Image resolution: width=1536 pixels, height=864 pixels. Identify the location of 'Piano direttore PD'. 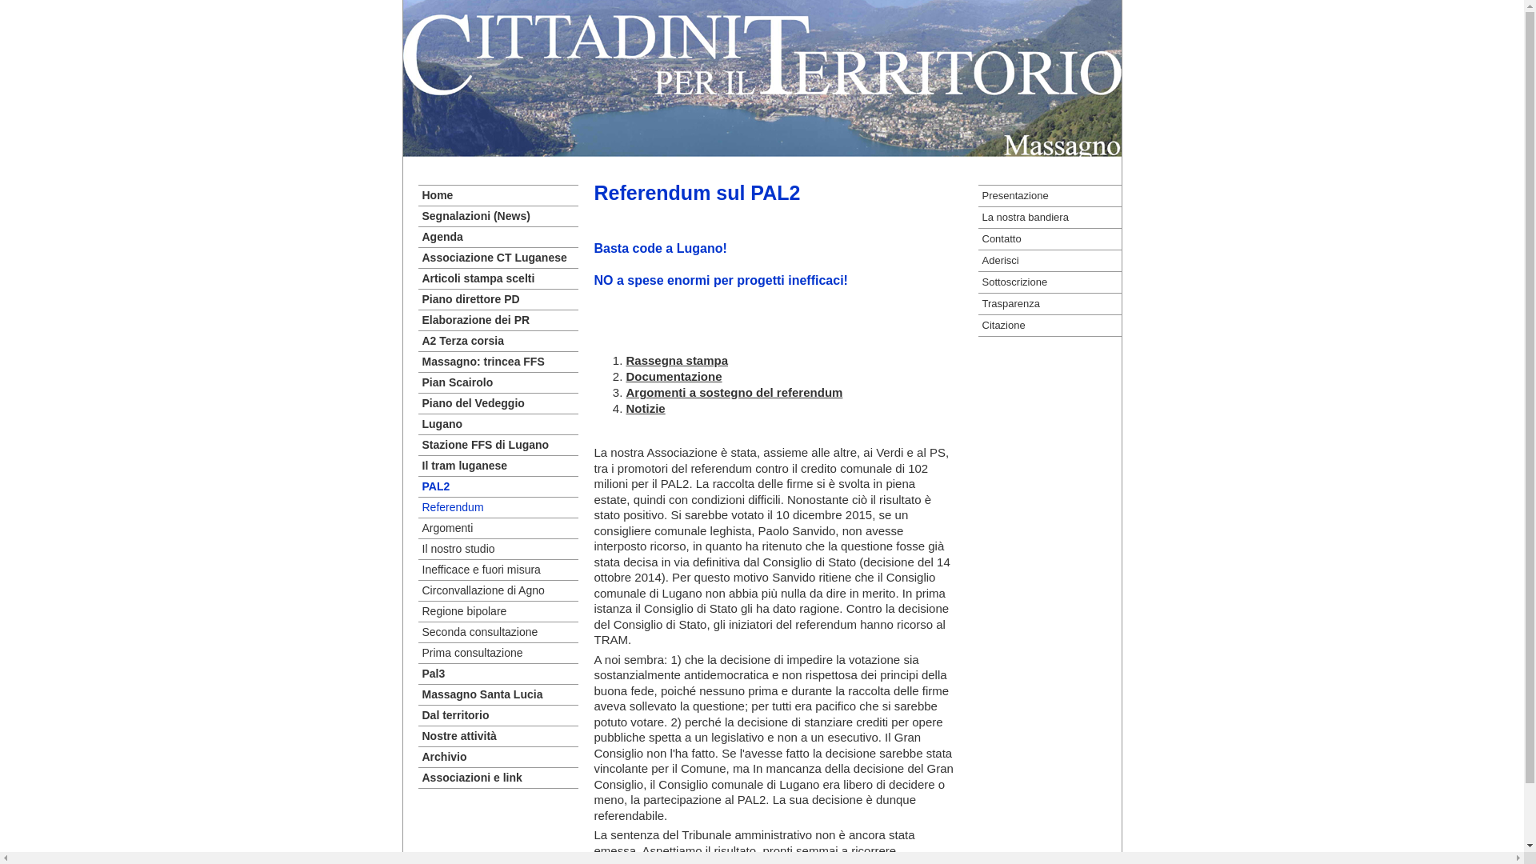
(497, 299).